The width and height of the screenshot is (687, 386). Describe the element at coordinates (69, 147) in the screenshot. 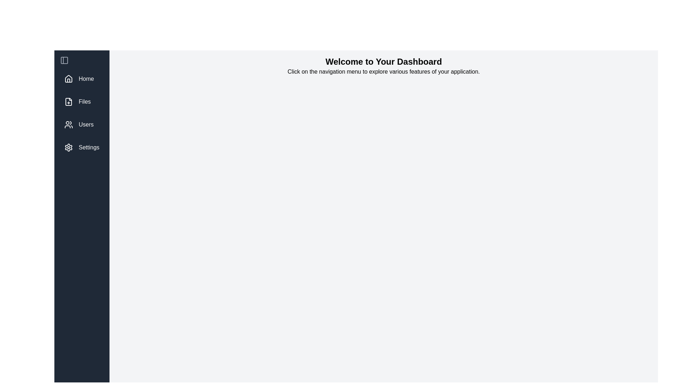

I see `the 'Settings' icon located to the left of the text` at that location.